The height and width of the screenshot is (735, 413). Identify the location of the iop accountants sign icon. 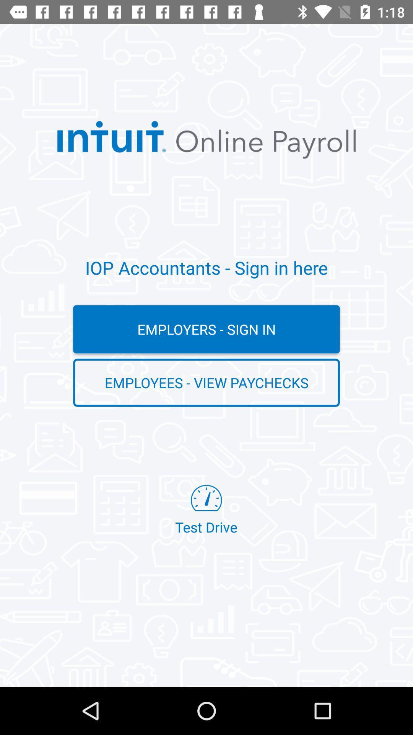
(206, 268).